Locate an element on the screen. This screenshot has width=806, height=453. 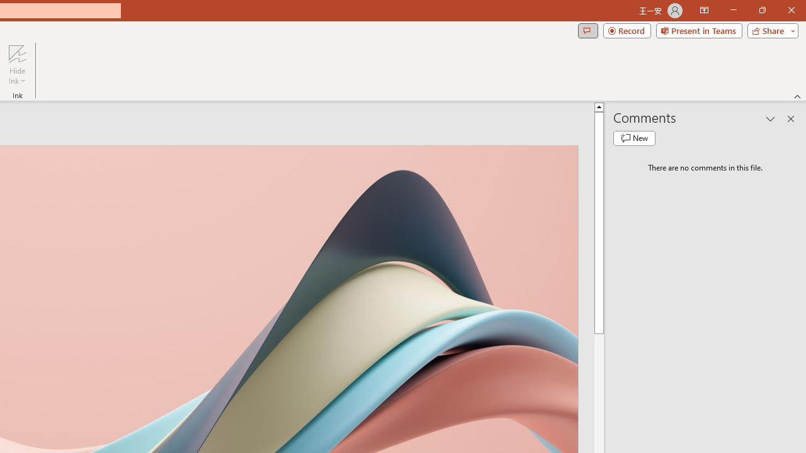
'New comment' is located at coordinates (634, 138).